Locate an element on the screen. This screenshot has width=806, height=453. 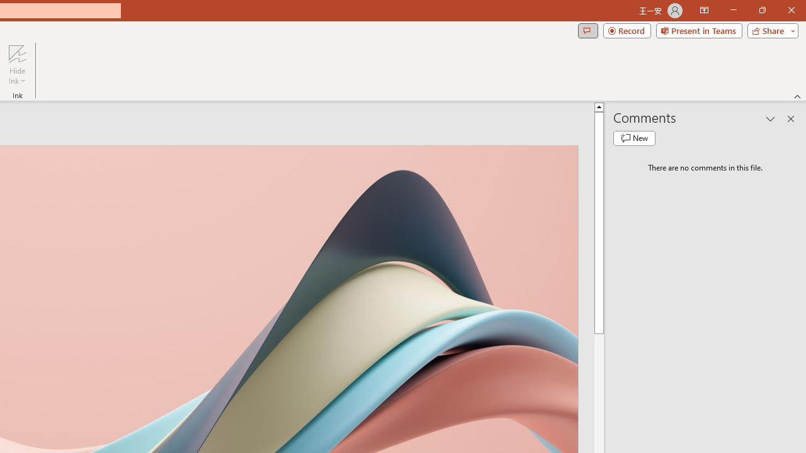
'New comment' is located at coordinates (634, 138).